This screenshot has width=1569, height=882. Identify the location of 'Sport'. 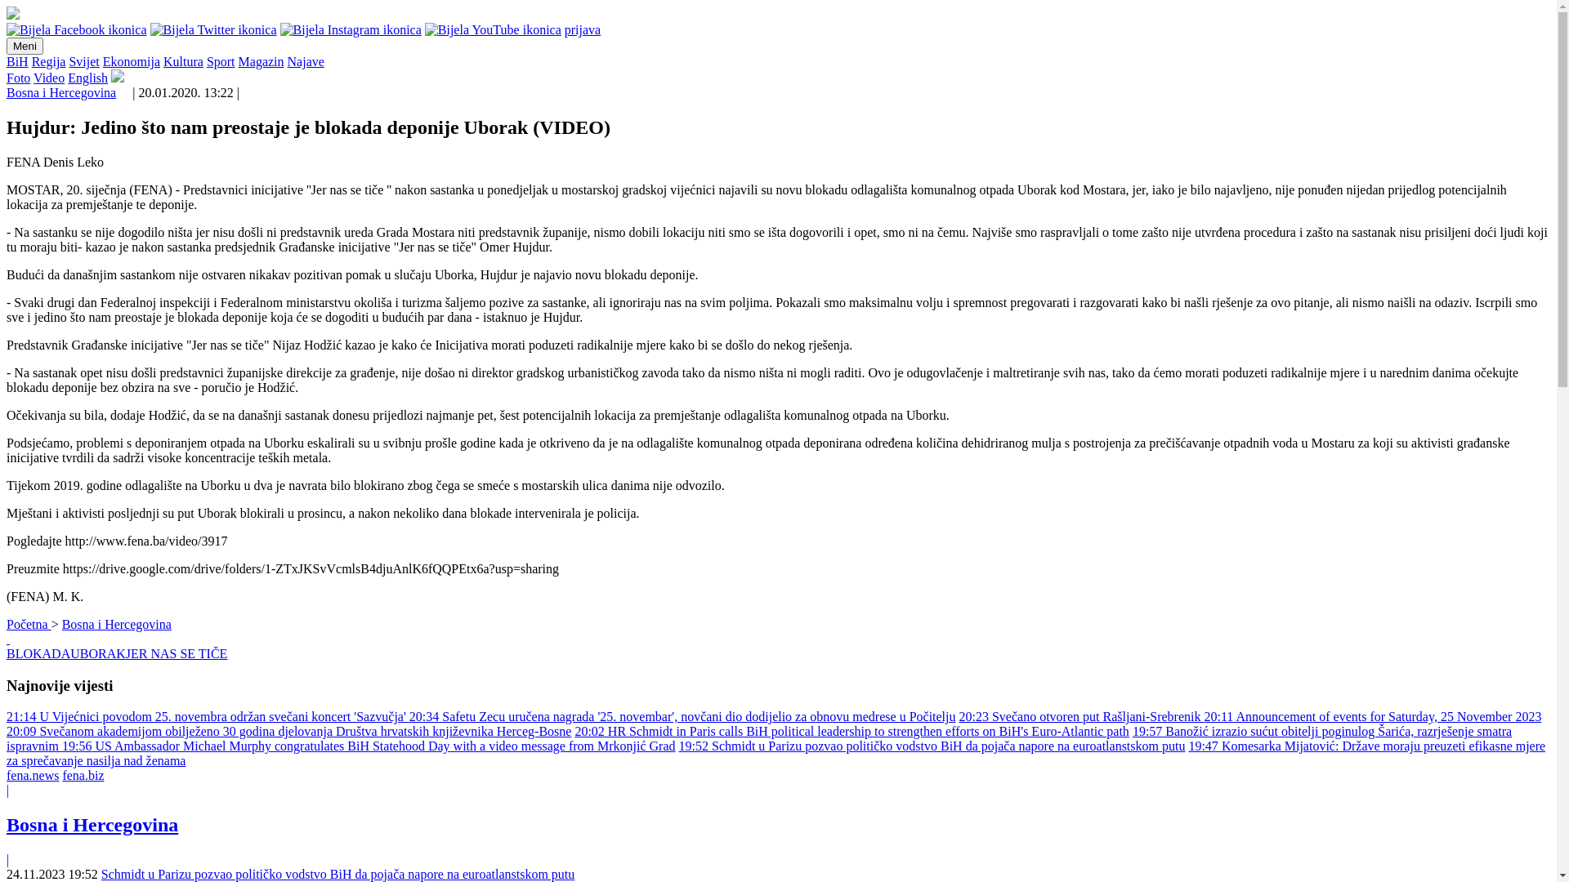
(220, 60).